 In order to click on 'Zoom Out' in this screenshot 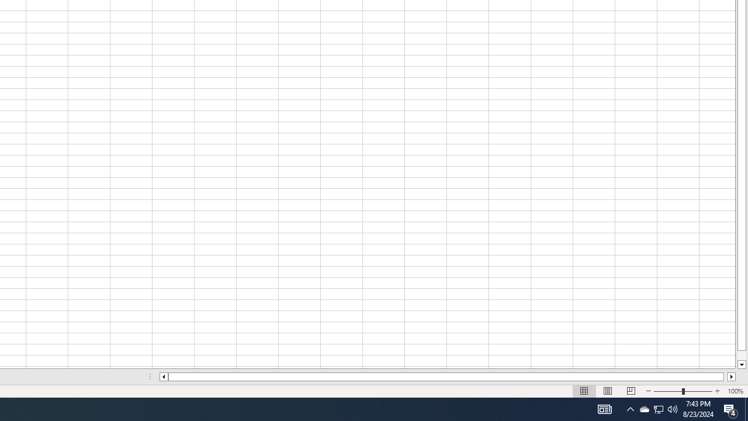, I will do `click(668, 391)`.